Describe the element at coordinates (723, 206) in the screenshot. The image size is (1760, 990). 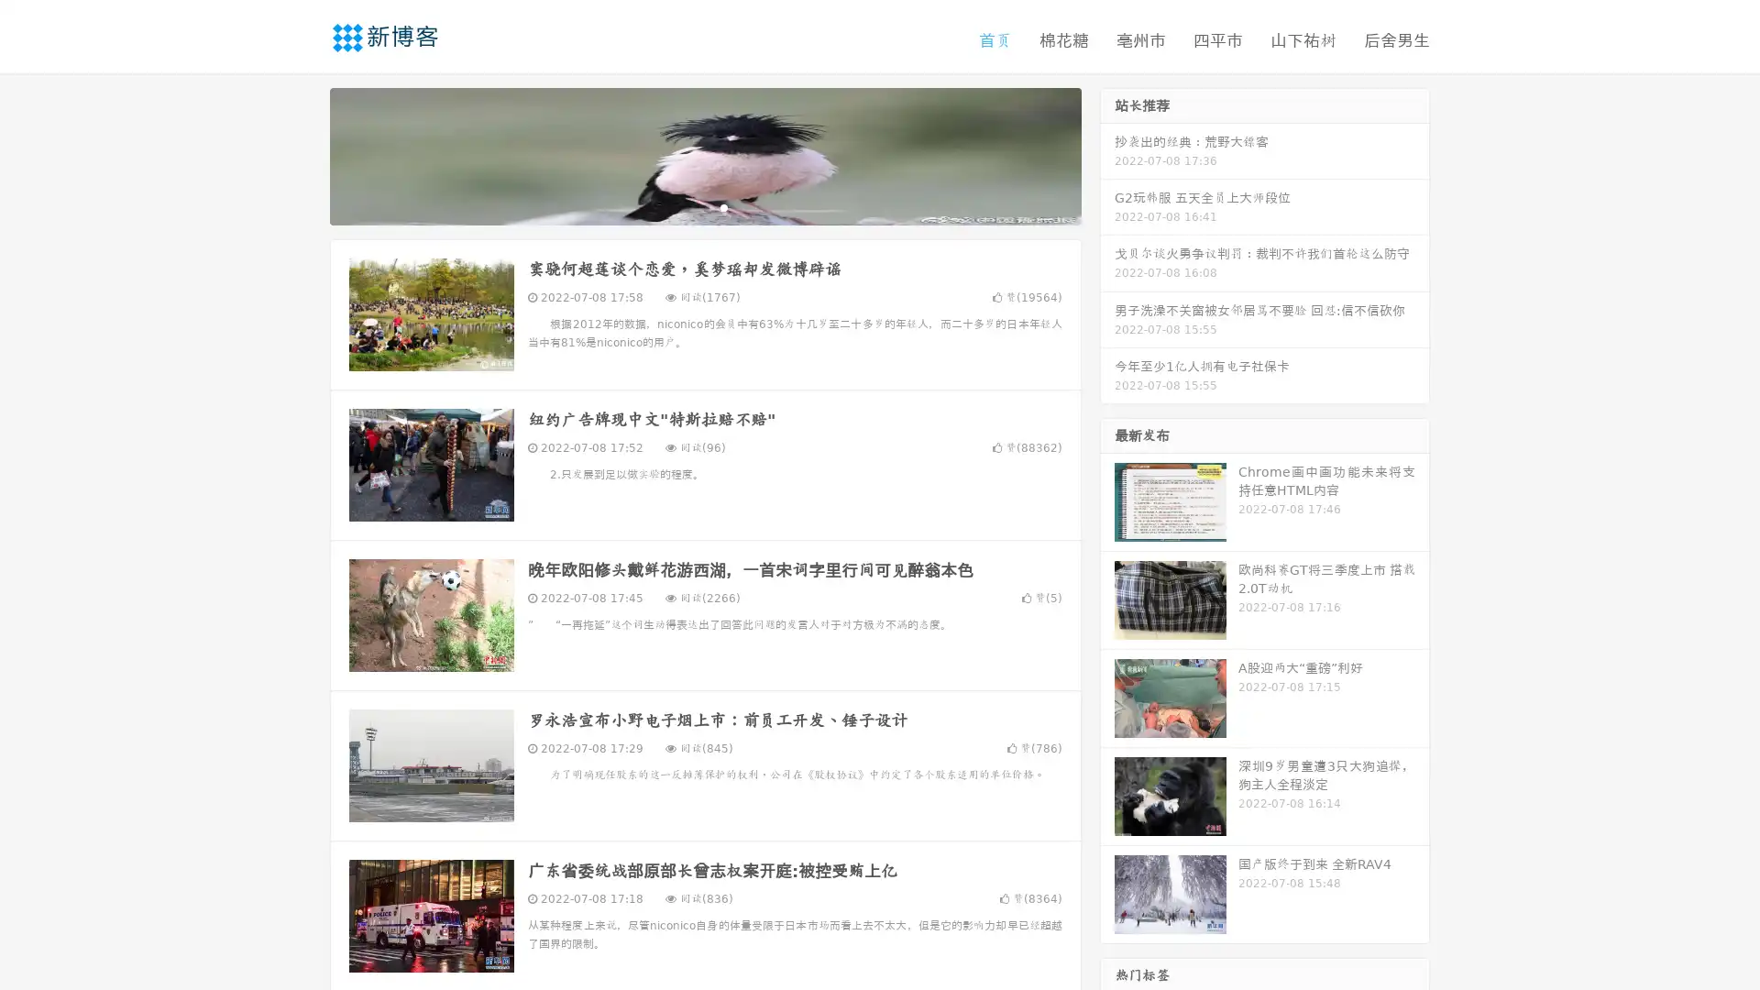
I see `Go to slide 3` at that location.